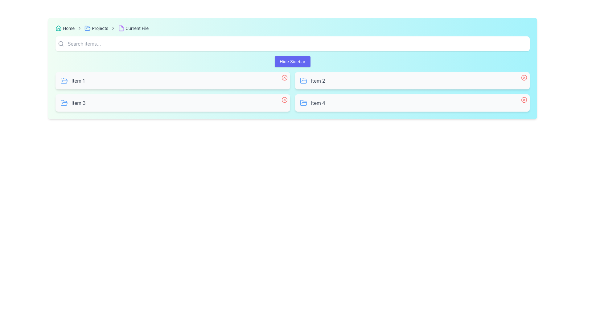  Describe the element at coordinates (59, 28) in the screenshot. I see `the lower segment of the teal house icon in the breadcrumb navigation at the top left of the interface` at that location.